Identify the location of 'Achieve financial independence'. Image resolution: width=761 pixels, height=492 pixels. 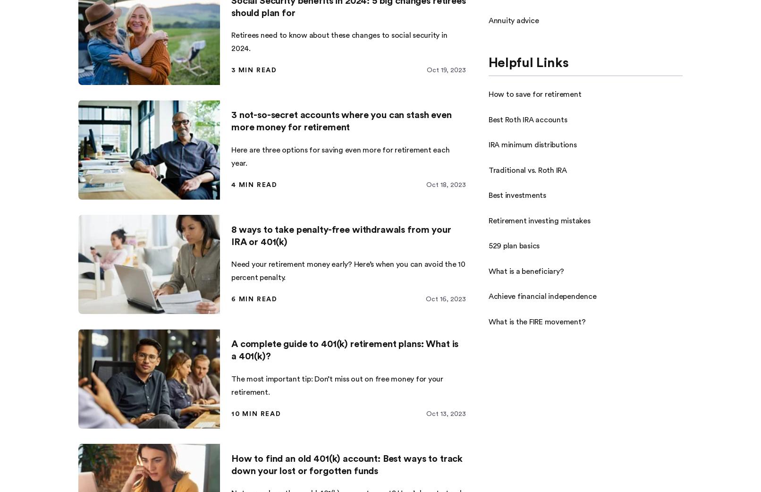
(541, 297).